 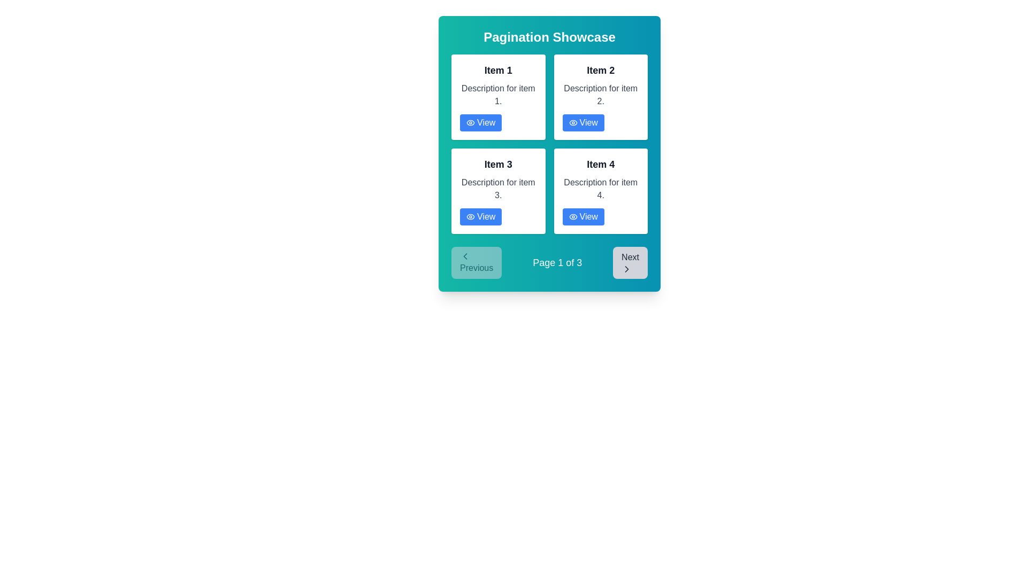 What do you see at coordinates (583, 122) in the screenshot?
I see `the button for 'Item 2'` at bounding box center [583, 122].